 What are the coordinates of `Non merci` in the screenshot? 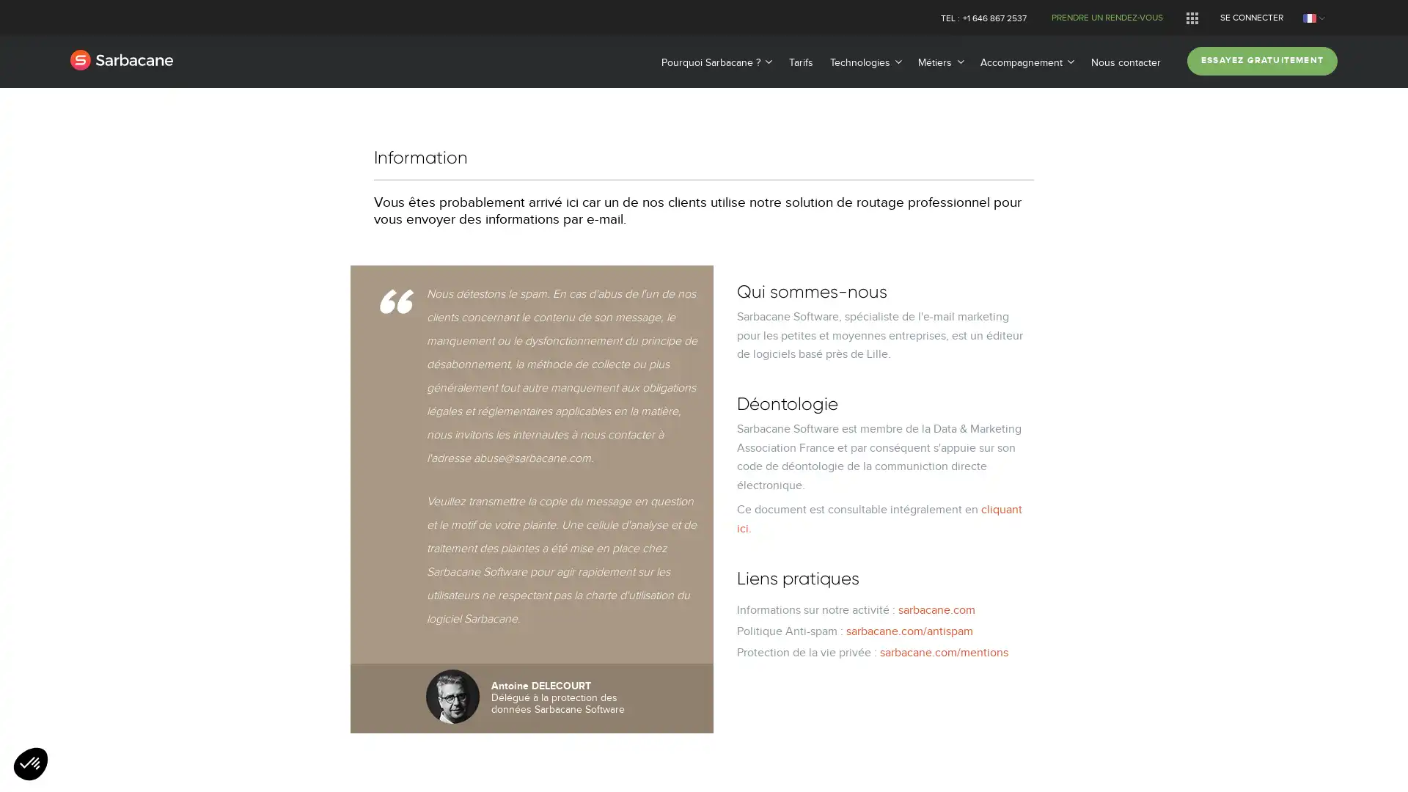 It's located at (587, 496).